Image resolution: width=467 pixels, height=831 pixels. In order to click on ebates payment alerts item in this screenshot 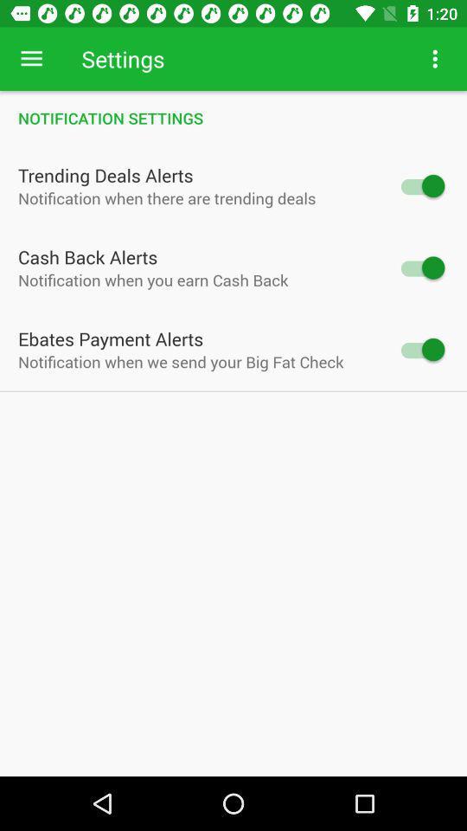, I will do `click(111, 338)`.